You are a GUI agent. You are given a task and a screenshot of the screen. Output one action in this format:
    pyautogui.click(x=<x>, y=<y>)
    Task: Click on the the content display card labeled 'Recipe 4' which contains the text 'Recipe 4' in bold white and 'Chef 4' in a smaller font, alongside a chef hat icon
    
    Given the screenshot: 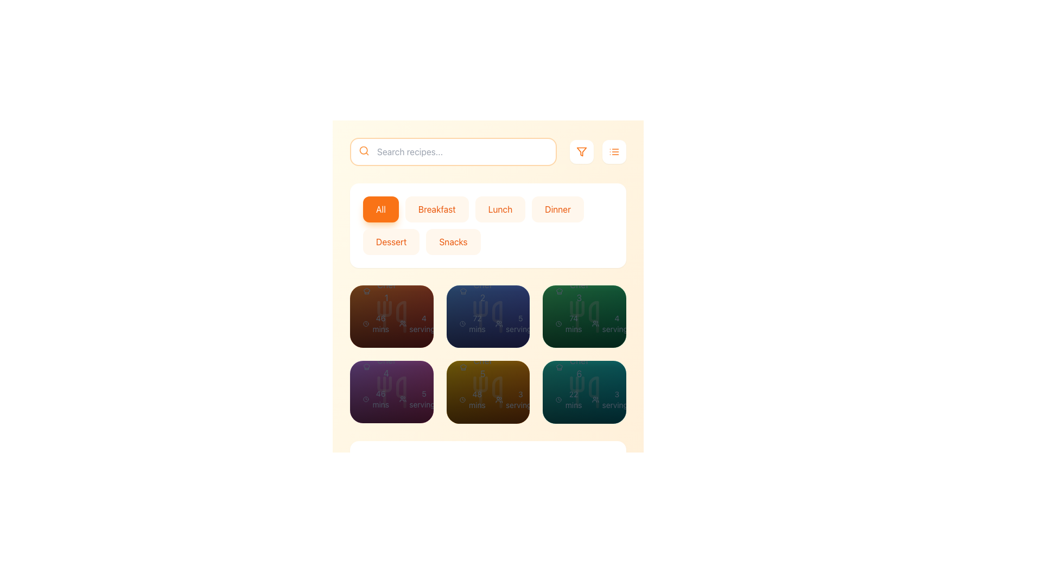 What is the action you would take?
    pyautogui.click(x=380, y=352)
    